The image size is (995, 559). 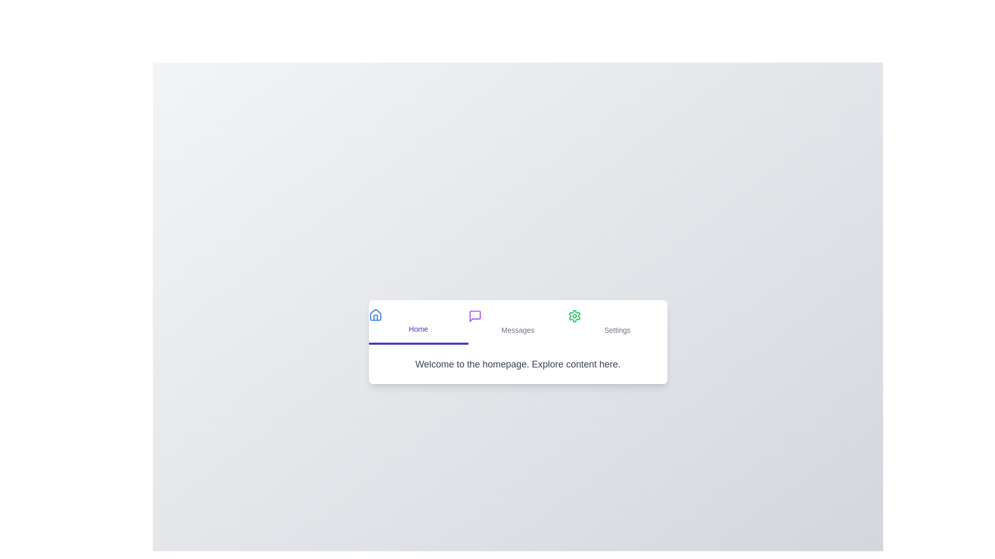 I want to click on the tab labeled Settings, so click(x=617, y=322).